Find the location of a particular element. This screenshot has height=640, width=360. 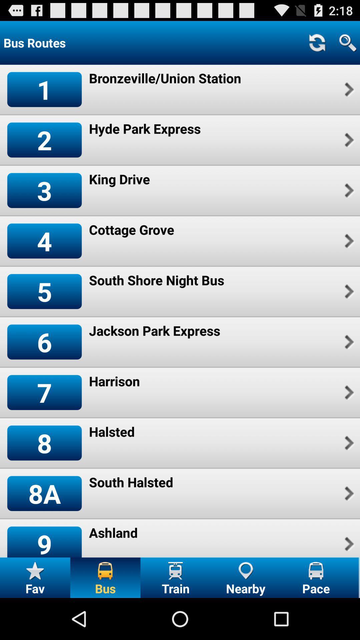

the item below the 5 is located at coordinates (44, 342).